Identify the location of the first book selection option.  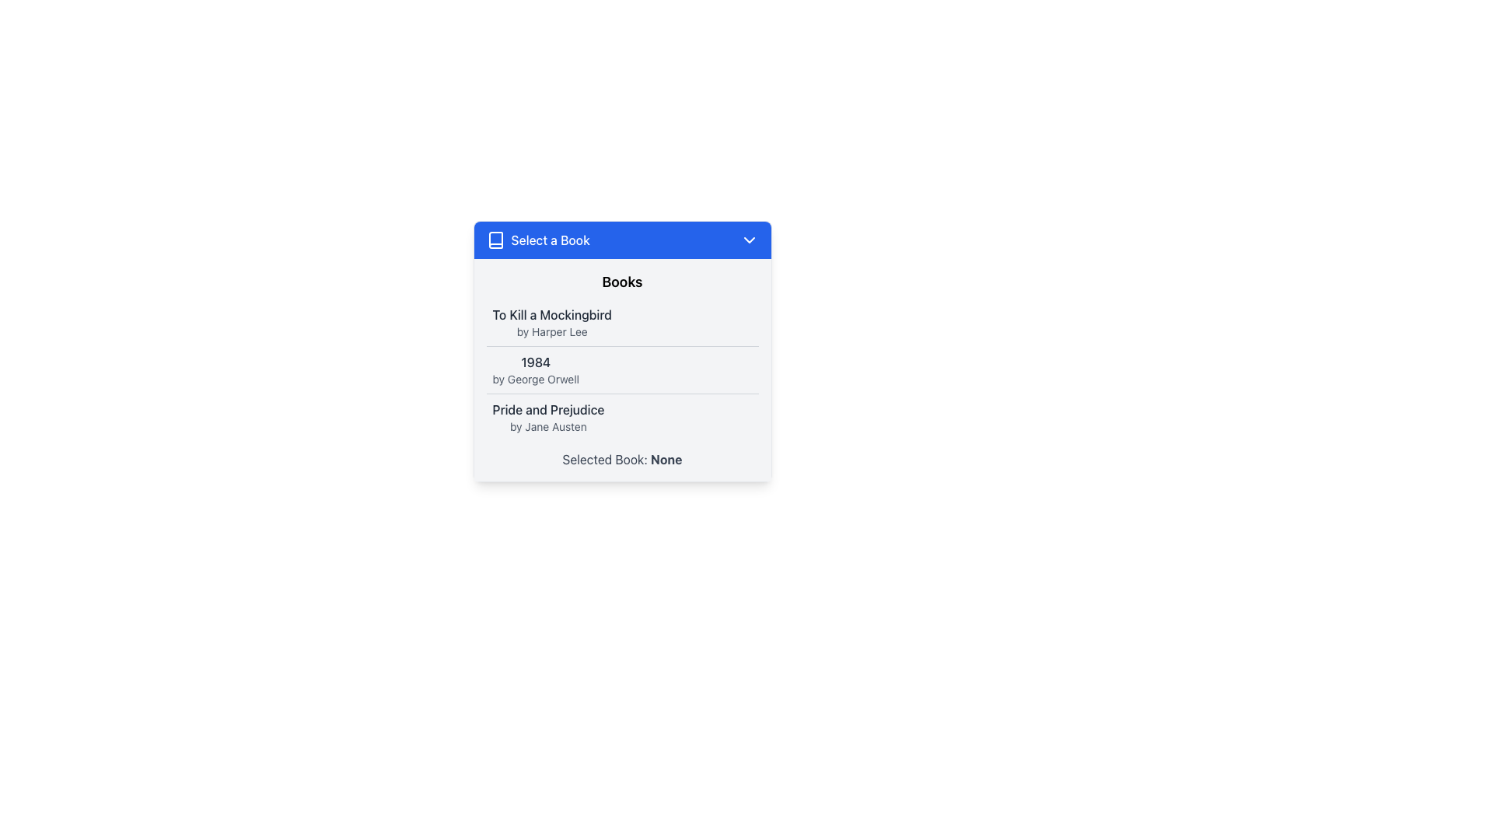
(552, 322).